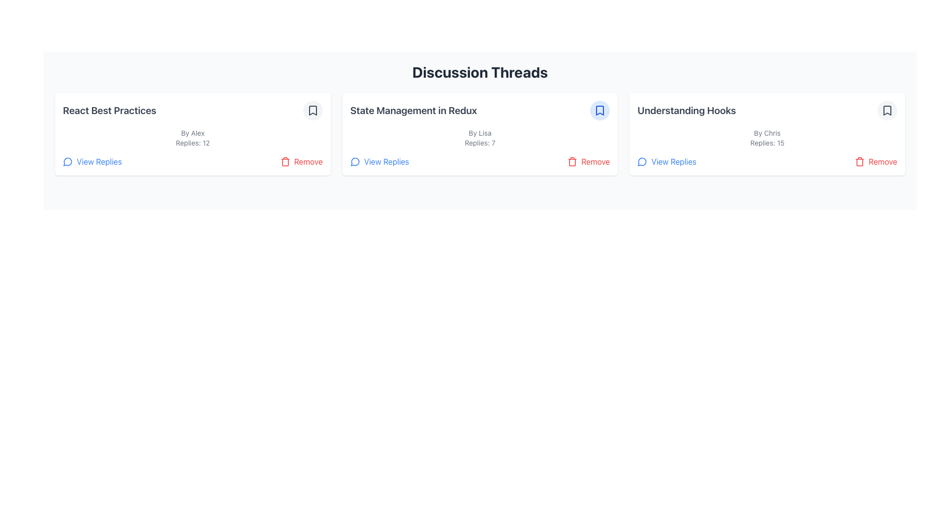 This screenshot has width=945, height=531. What do you see at coordinates (667, 161) in the screenshot?
I see `the 'View Replies' button located at the bottom-left section of the 'Understanding Hooks' discussion thread card` at bounding box center [667, 161].